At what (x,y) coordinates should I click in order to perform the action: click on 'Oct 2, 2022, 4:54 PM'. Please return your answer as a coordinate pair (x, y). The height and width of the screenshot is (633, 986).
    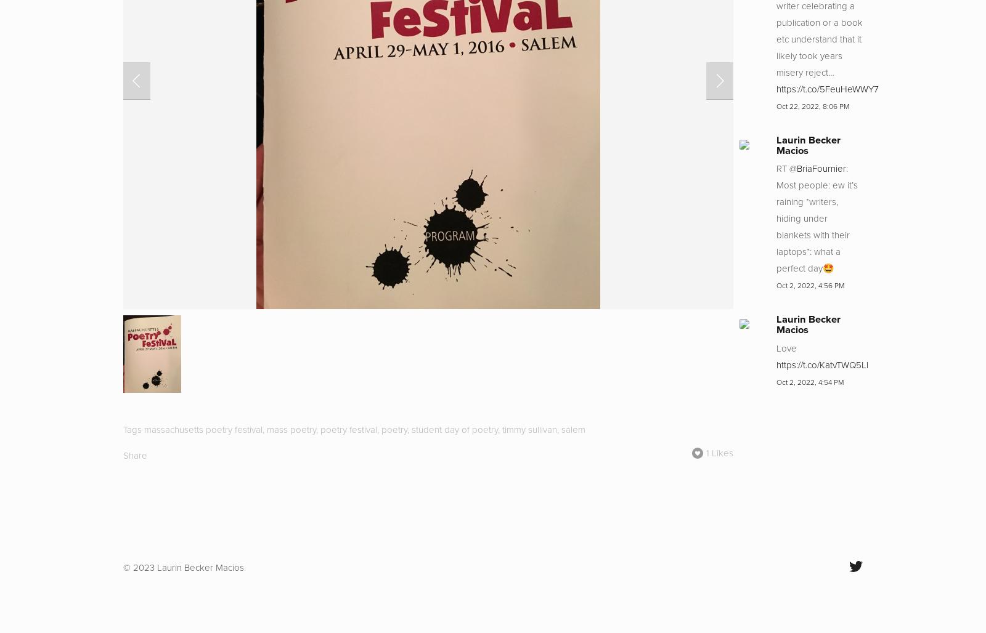
    Looking at the image, I should click on (809, 381).